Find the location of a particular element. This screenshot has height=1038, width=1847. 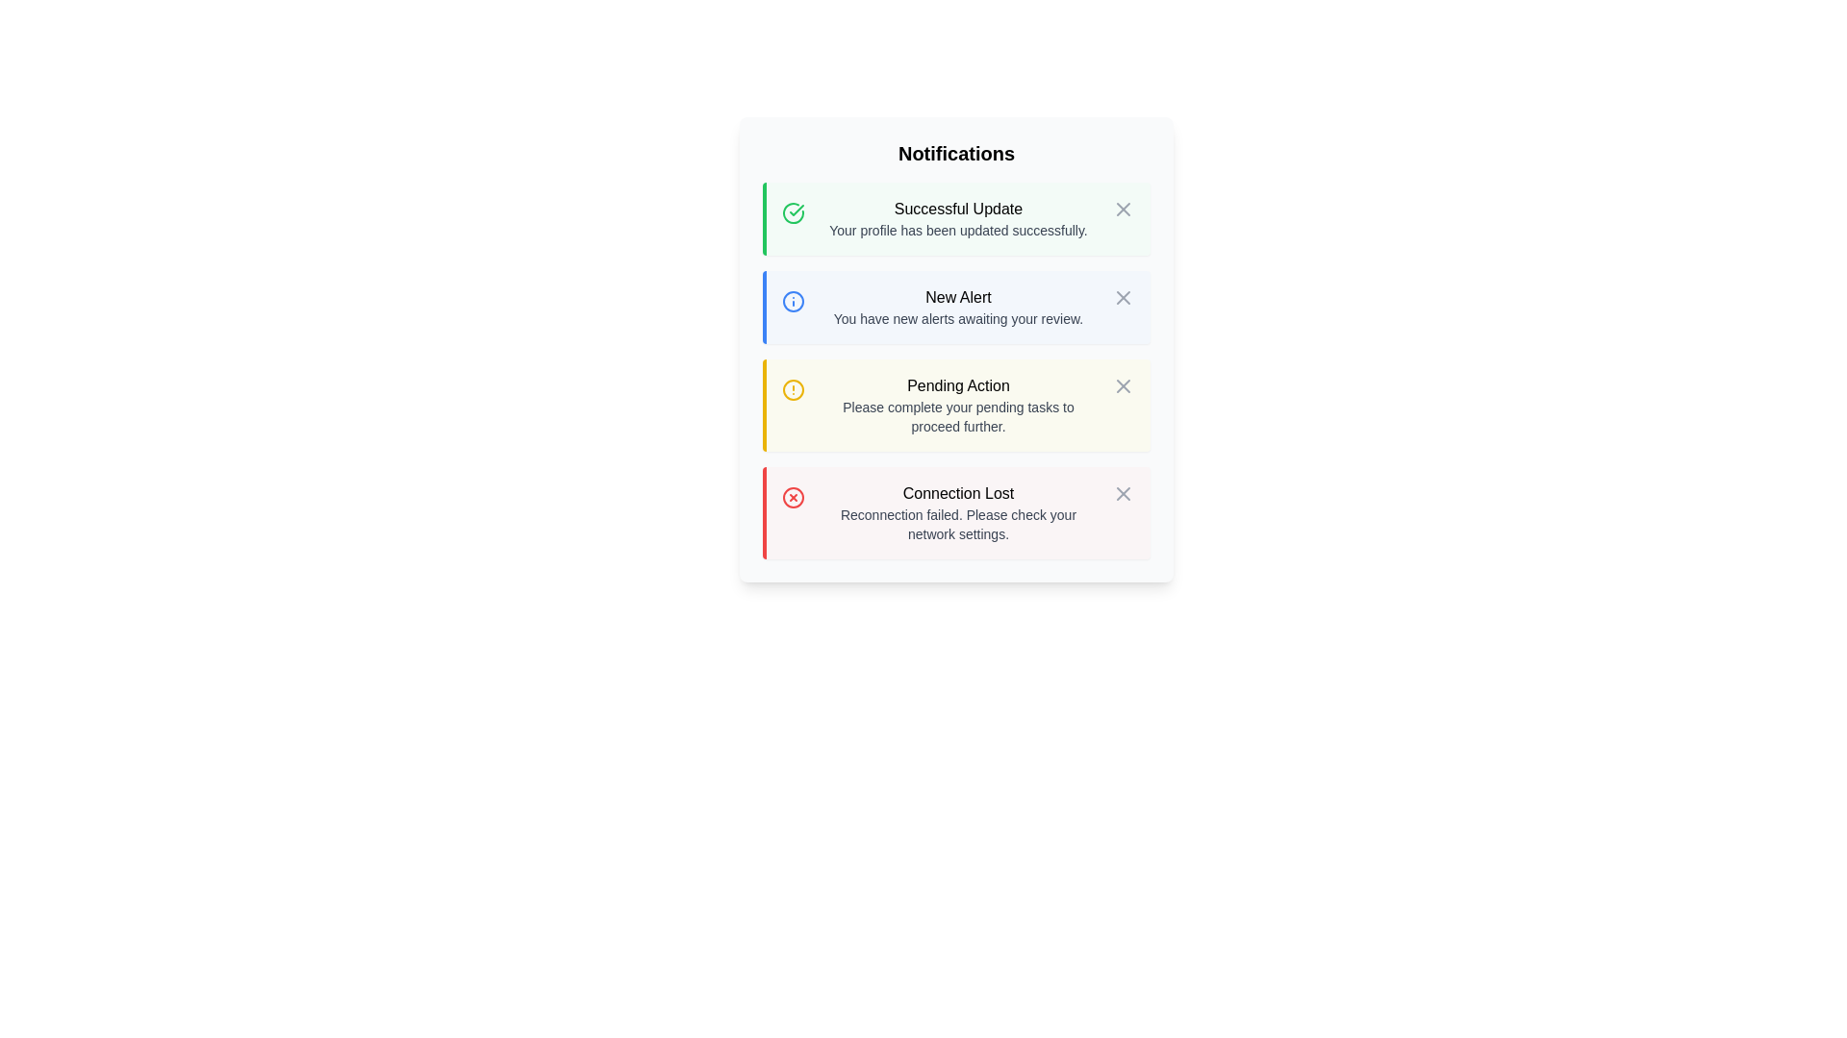

the text label stating 'Please complete your pending tasks to proceed further,' which is located in the yellow-highlighted section of the notification card titled 'Pending Action.' is located at coordinates (958, 416).